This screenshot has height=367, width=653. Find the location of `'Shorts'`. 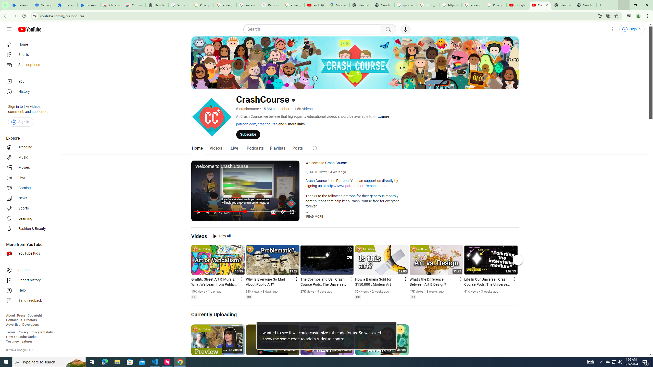

'Shorts' is located at coordinates (29, 55).